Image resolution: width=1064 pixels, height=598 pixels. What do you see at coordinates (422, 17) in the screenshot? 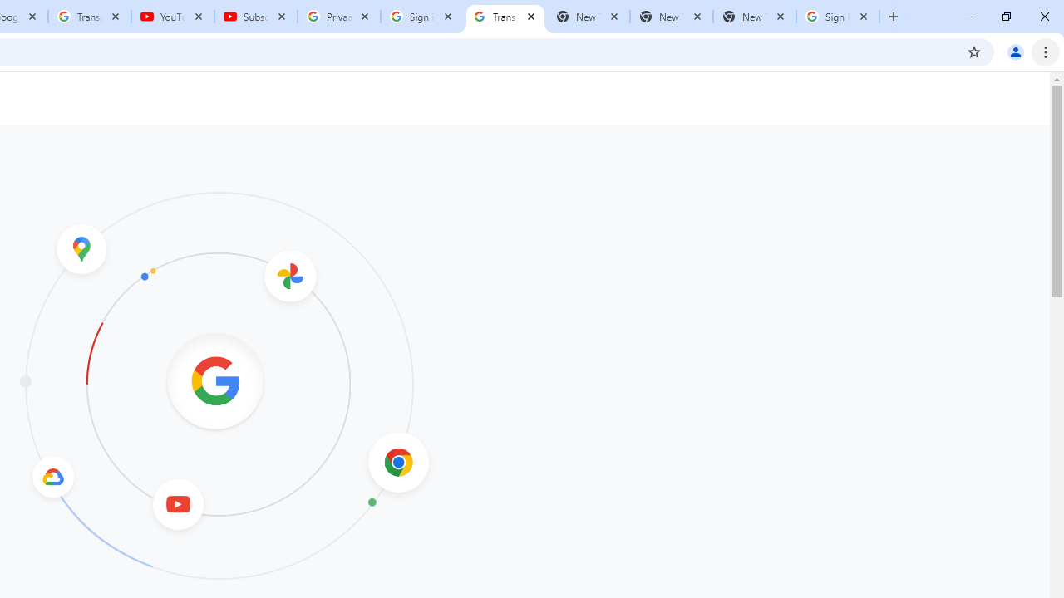
I see `'Sign in - Google Accounts'` at bounding box center [422, 17].